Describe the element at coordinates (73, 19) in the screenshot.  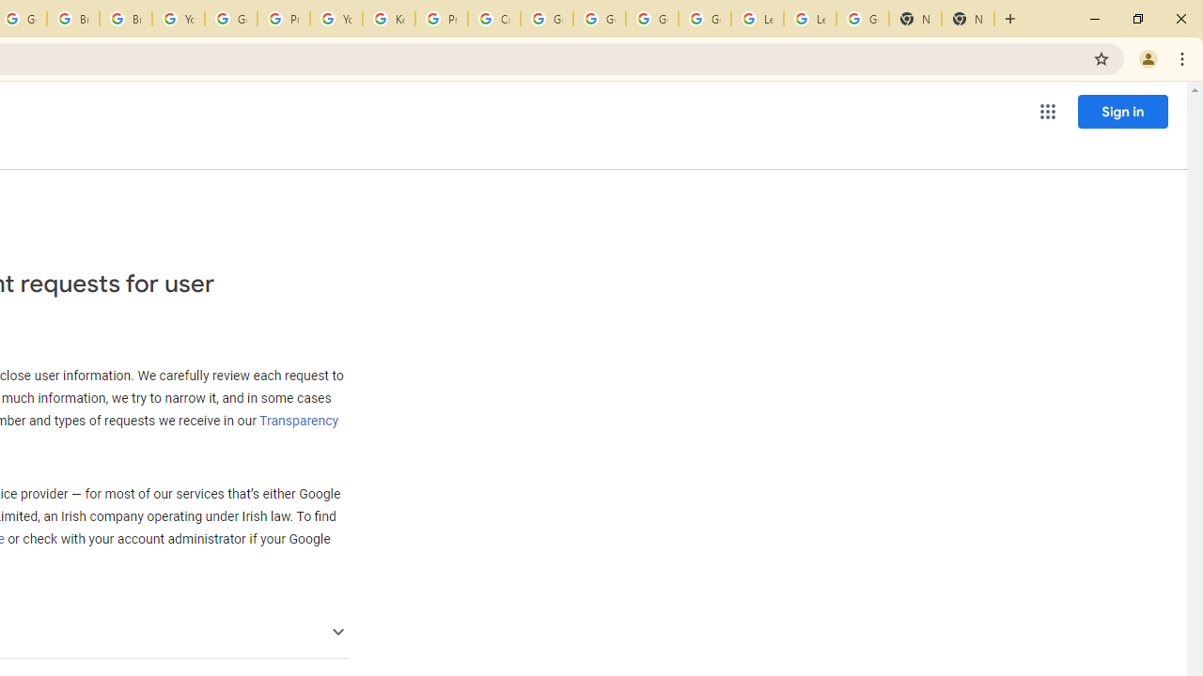
I see `'Brand Resource Center'` at that location.